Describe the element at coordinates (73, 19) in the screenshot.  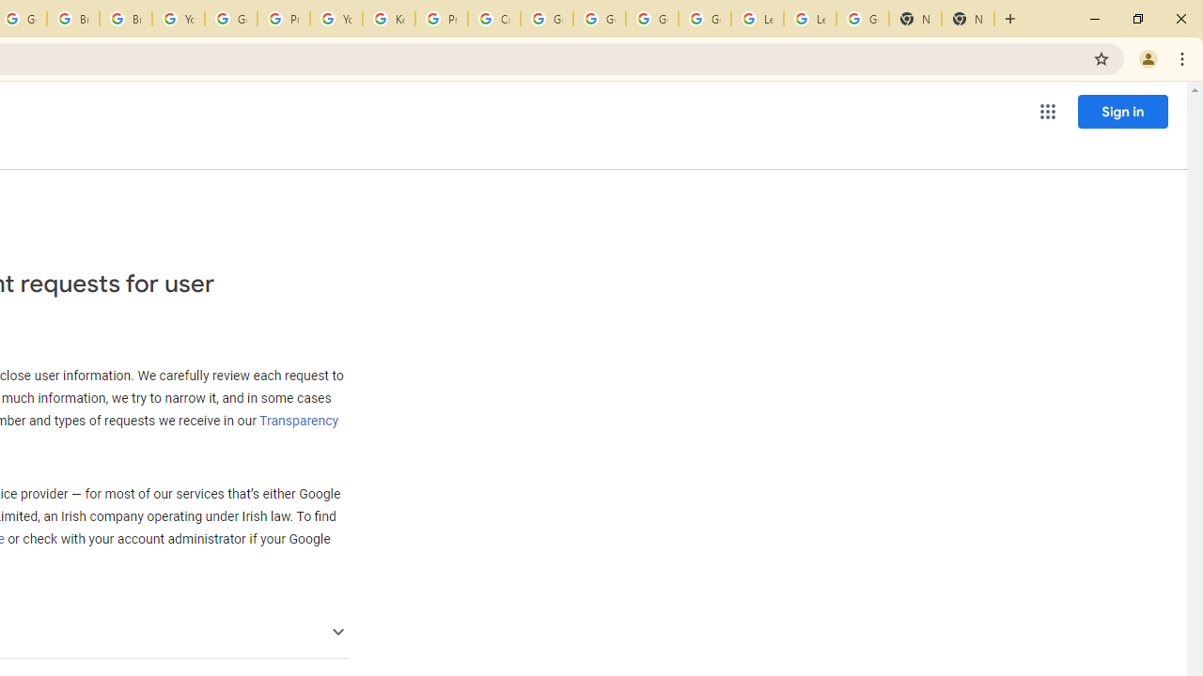
I see `'Brand Resource Center'` at that location.